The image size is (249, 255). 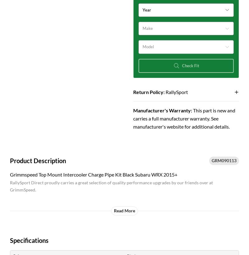 What do you see at coordinates (66, 137) in the screenshot?
I see `'Sign Up'` at bounding box center [66, 137].